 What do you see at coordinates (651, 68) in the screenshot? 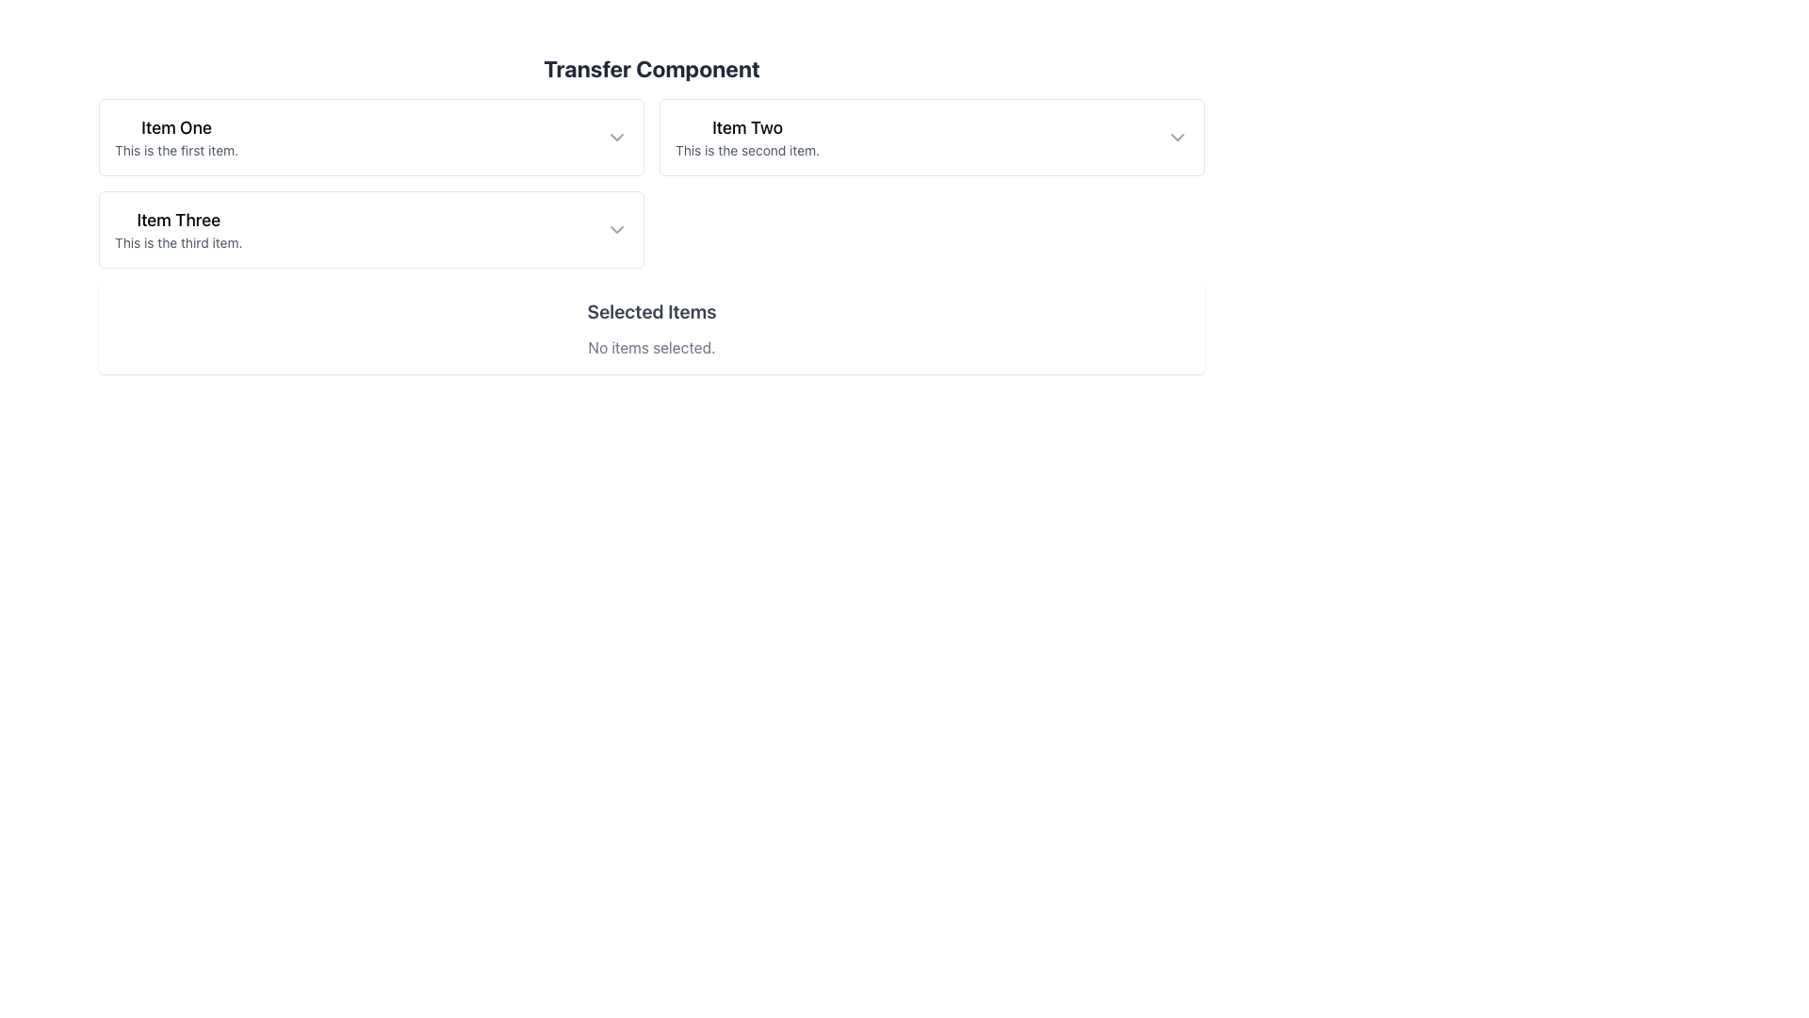
I see `the header text element located at the topmost center of the interface, which serves as the title for the surrounding content group` at bounding box center [651, 68].